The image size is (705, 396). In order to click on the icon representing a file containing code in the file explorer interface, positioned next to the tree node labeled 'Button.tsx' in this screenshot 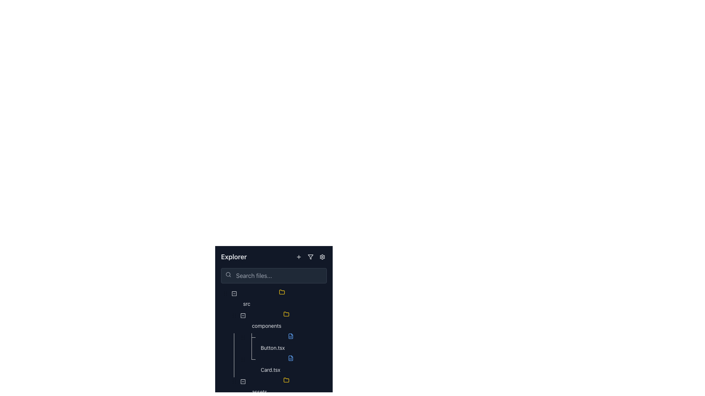, I will do `click(290, 336)`.